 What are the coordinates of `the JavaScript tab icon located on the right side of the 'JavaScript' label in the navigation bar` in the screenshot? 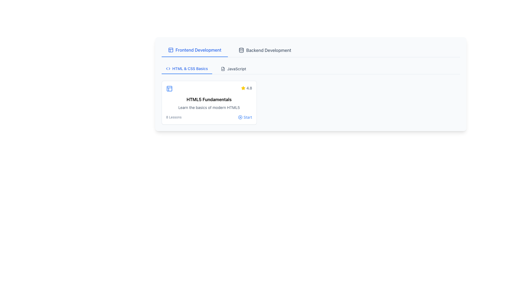 It's located at (223, 68).